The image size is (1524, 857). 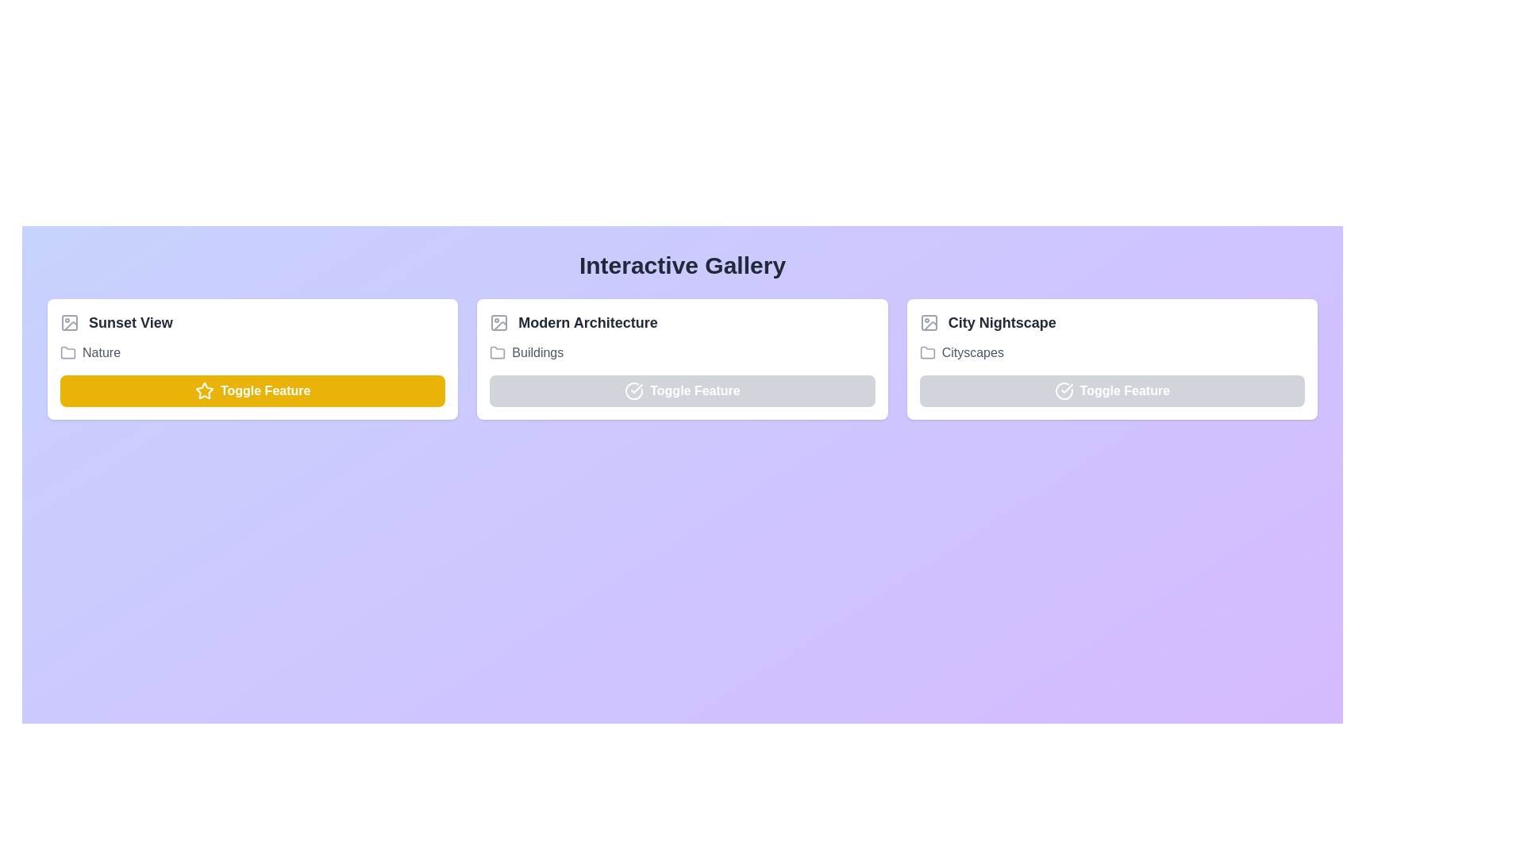 What do you see at coordinates (497, 352) in the screenshot?
I see `the folder icon located to the left of the 'Buildings' text label in the 'Modern Architecture' card` at bounding box center [497, 352].